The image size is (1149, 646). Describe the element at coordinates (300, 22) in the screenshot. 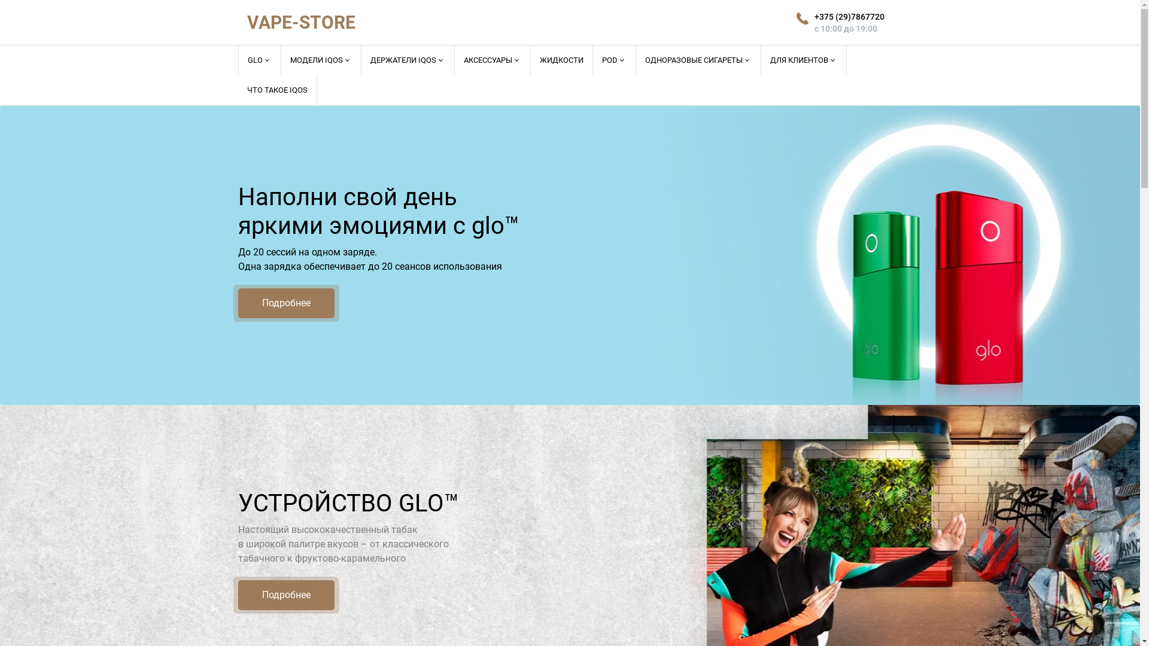

I see `'VAPE-STORE'` at that location.